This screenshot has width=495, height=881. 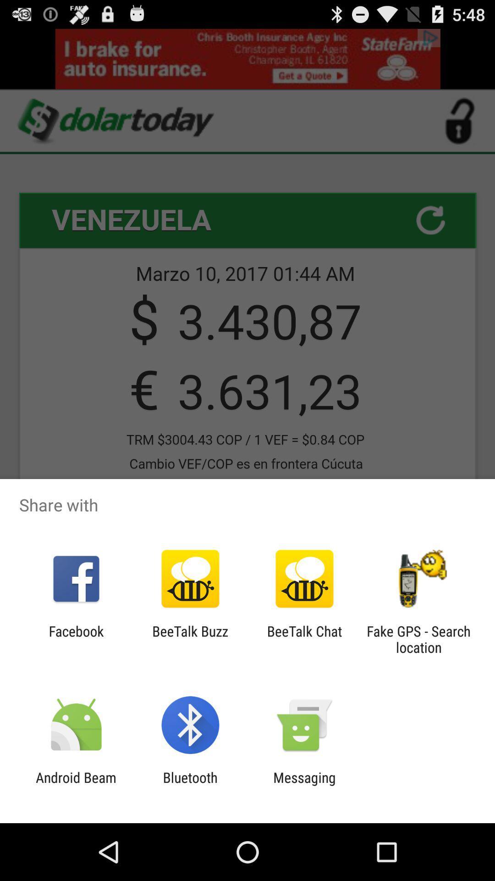 What do you see at coordinates (304, 785) in the screenshot?
I see `the icon to the right of bluetooth app` at bounding box center [304, 785].